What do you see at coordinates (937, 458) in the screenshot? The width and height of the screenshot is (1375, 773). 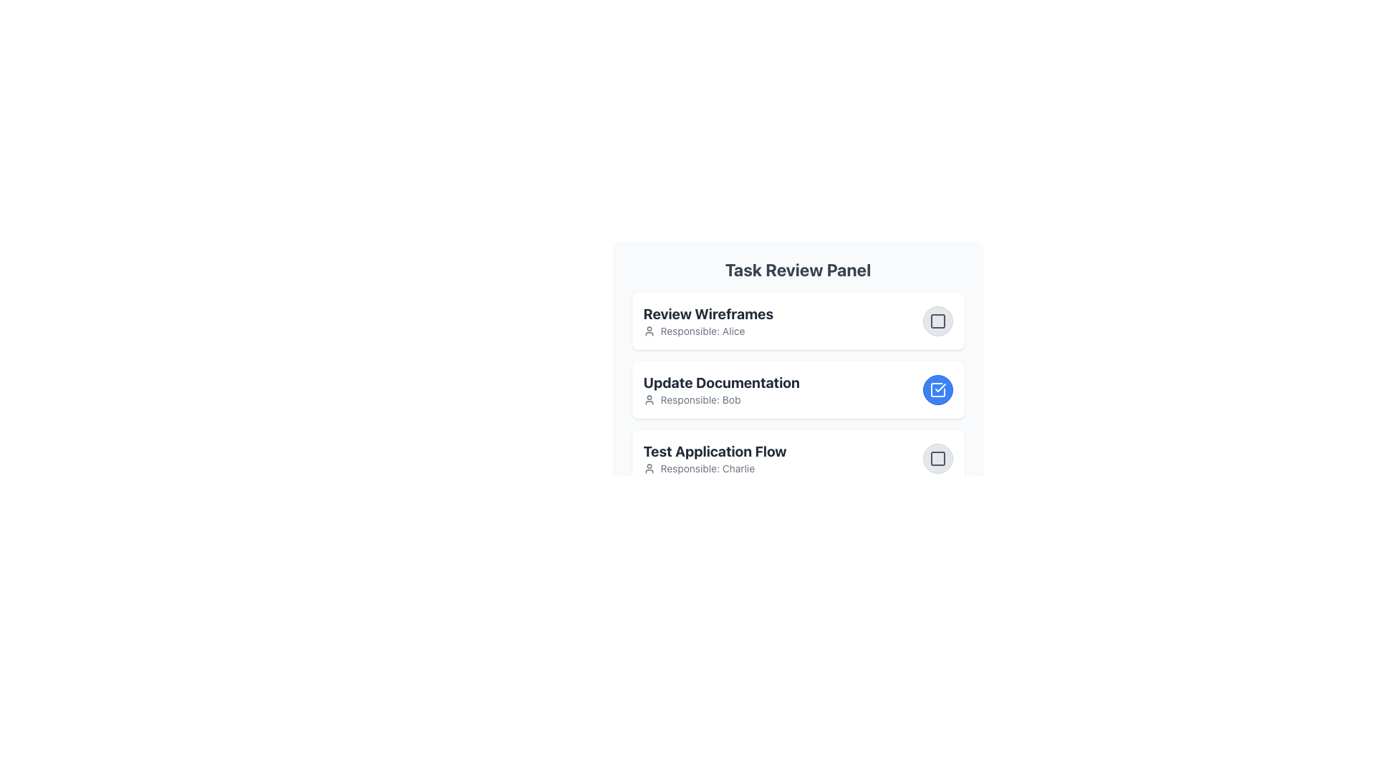 I see `the rounded rectangle button located in the bottom-right square icon of the 'Test Application Flow' task in the 'Task Review Panel'` at bounding box center [937, 458].